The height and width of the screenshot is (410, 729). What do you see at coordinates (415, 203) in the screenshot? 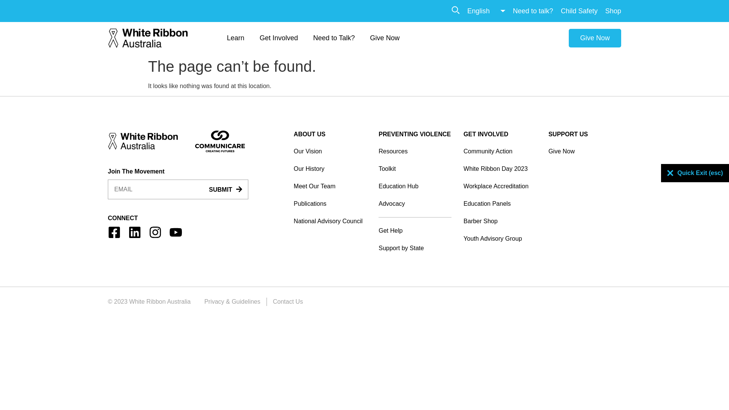
I see `'Advocacy'` at bounding box center [415, 203].